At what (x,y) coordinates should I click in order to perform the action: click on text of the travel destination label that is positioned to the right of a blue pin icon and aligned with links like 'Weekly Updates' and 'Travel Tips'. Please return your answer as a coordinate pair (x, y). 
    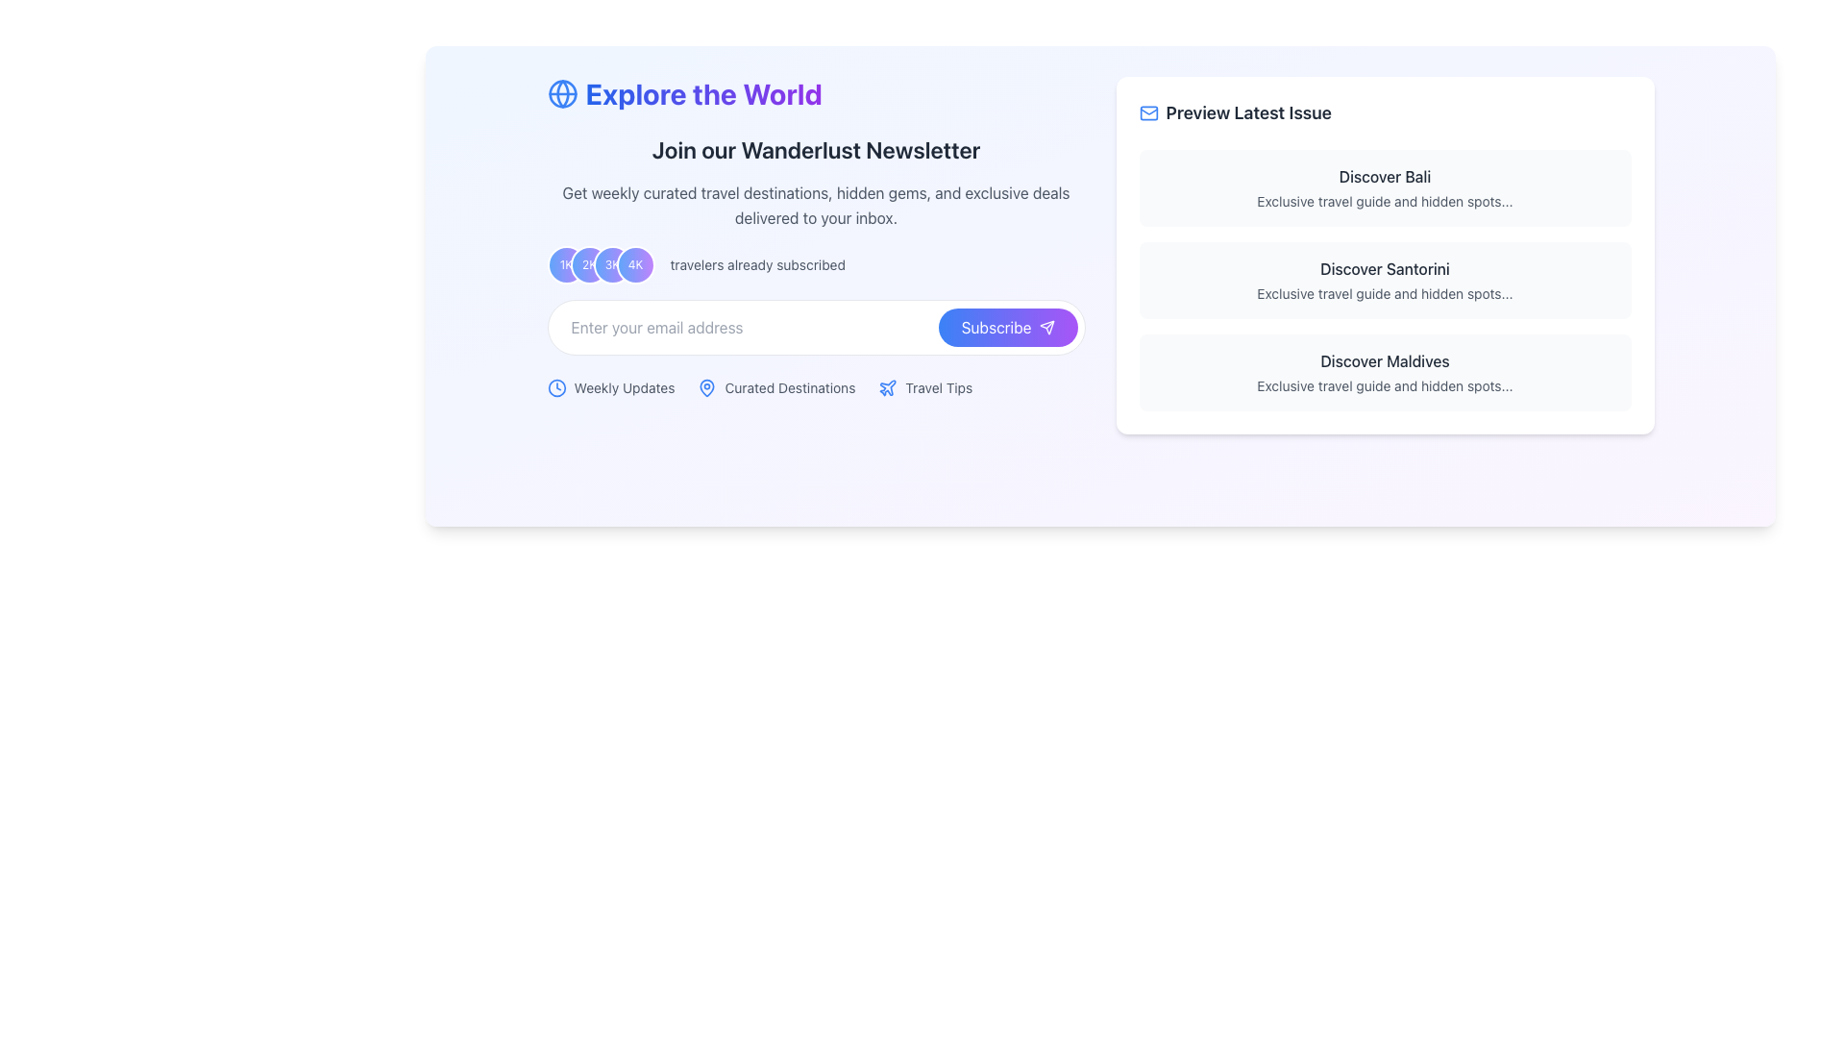
    Looking at the image, I should click on (790, 388).